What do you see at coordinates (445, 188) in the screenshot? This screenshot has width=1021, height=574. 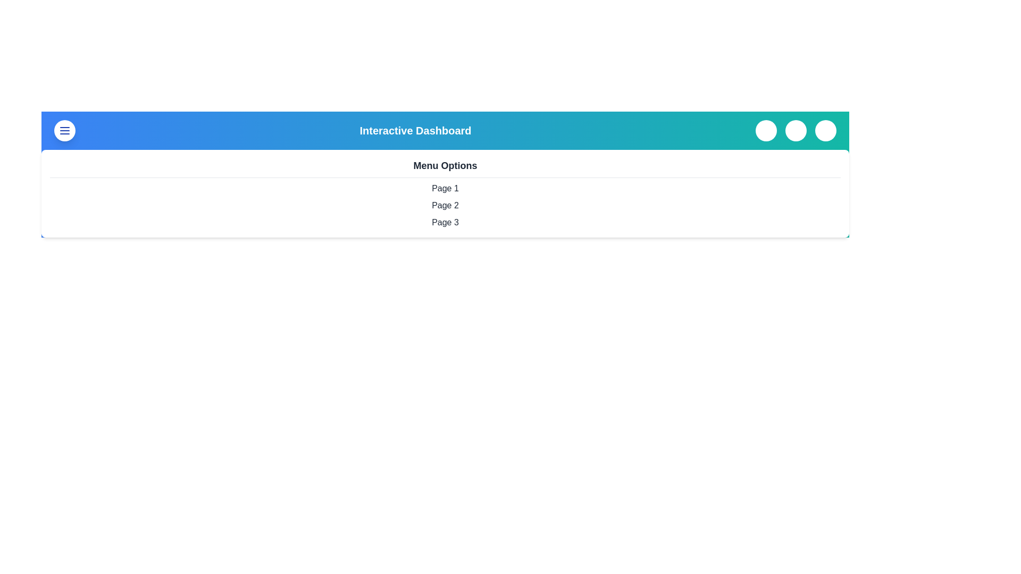 I see `the menu option Page 1 to navigate to the corresponding page` at bounding box center [445, 188].